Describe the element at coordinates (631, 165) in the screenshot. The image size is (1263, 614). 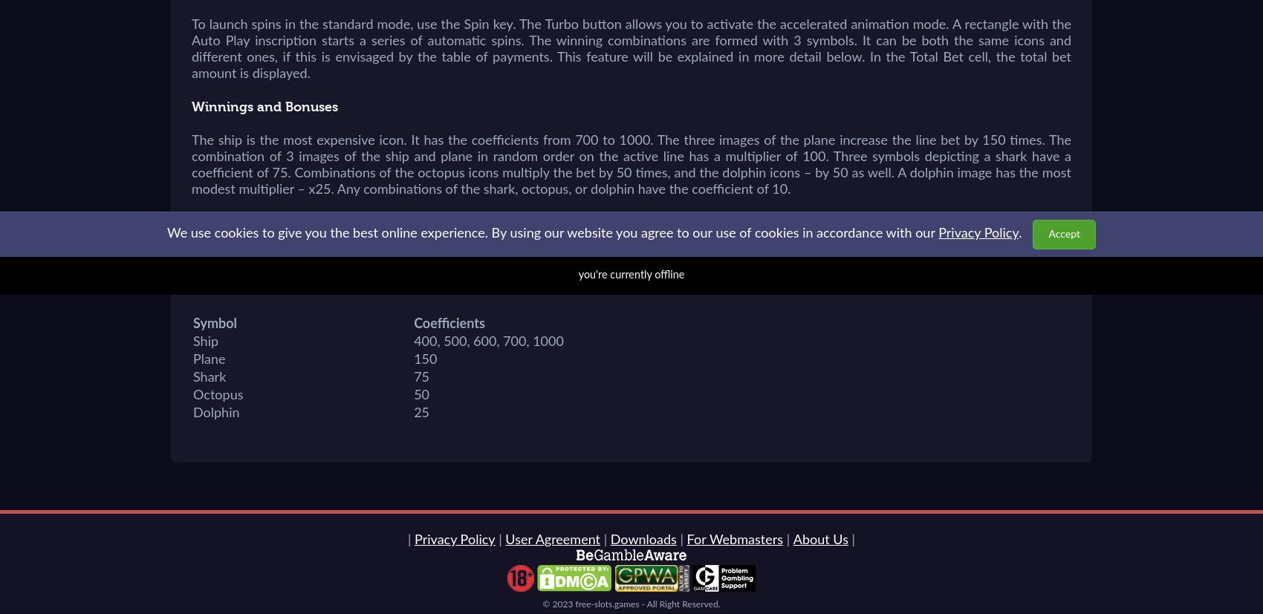
I see `'The ship is the most expensive icon. It has the coefficients from 700 to 1000. The three images of the plane increase the line bet by 150 times. The combination of 3 images of the ship and plane in random order on the active line has a multiplier of 100. Three symbols depicting a shark have a coefficient of 75. Combinations of the octopus icons multiply the bet by 50 times, and the dolphin icons – by 50 as well. A dolphin image has the most modest multiplier – x25. Any combinations of the shark, octopus, or dolphin have the coefficient of 10.'` at that location.